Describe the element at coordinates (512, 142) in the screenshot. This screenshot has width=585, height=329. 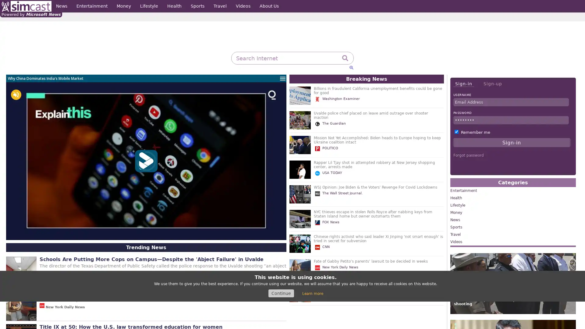
I see `Sign-in` at that location.